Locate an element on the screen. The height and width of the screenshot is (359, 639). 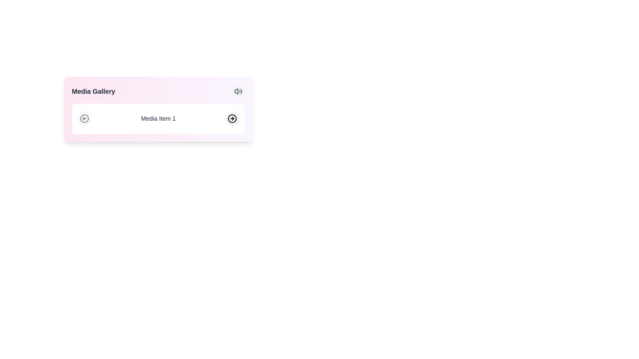
the navigation button located to the immediate left of the 'Media Item 1' text label is located at coordinates (84, 118).